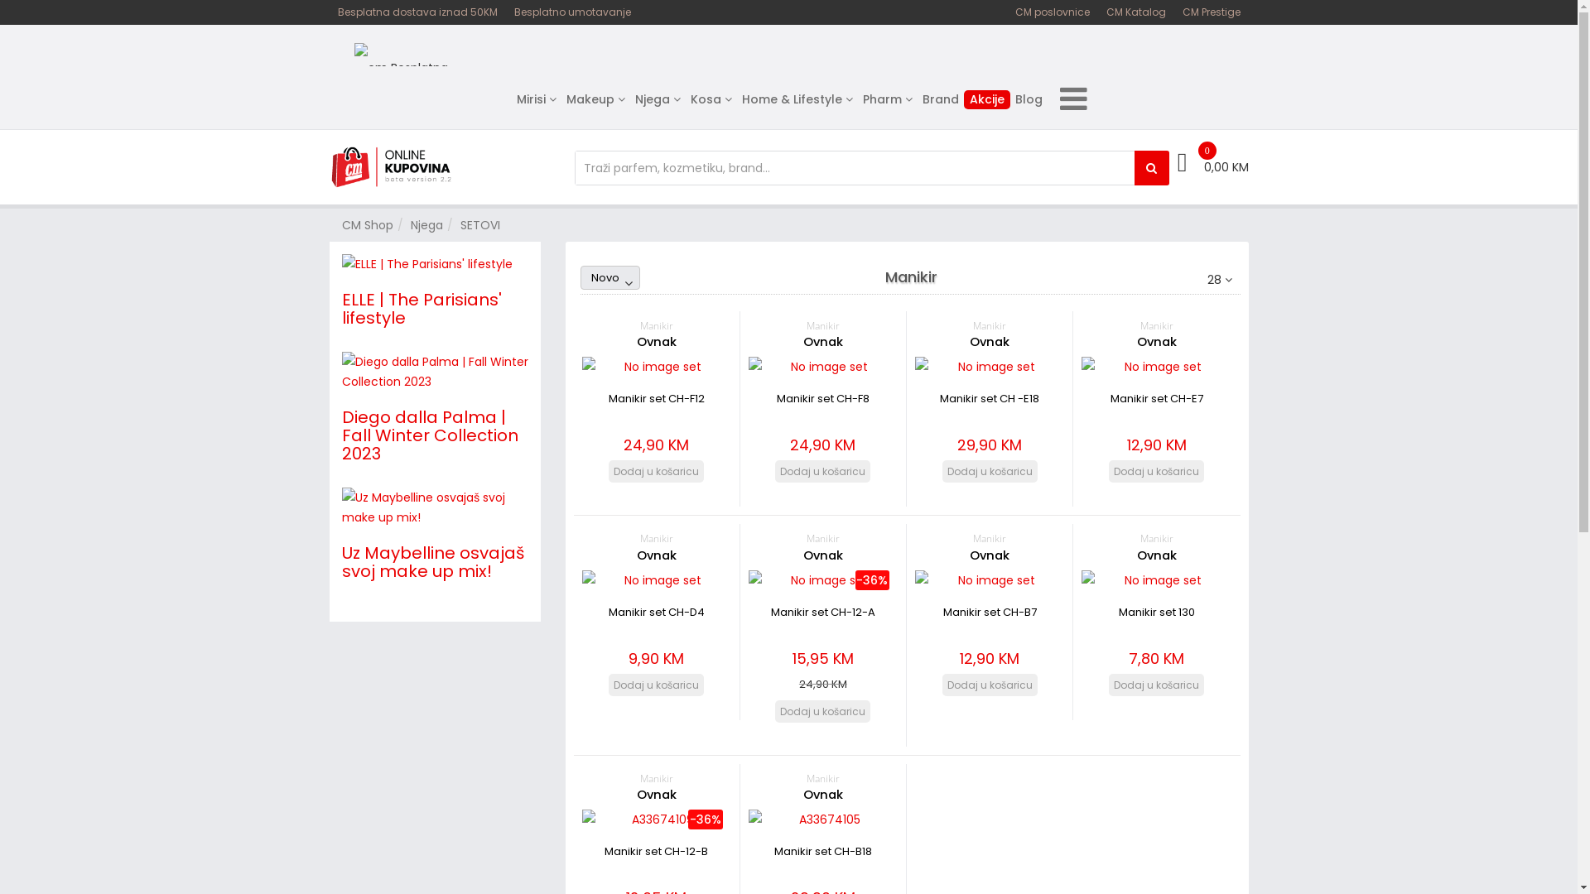 The width and height of the screenshot is (1590, 894). What do you see at coordinates (747, 366) in the screenshot?
I see `'Manikir set CH-F8'` at bounding box center [747, 366].